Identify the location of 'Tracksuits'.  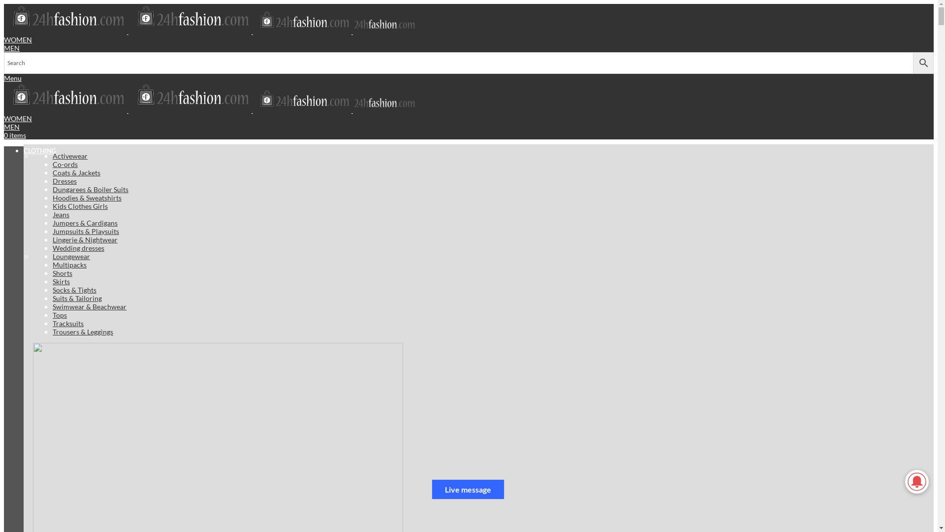
(67, 323).